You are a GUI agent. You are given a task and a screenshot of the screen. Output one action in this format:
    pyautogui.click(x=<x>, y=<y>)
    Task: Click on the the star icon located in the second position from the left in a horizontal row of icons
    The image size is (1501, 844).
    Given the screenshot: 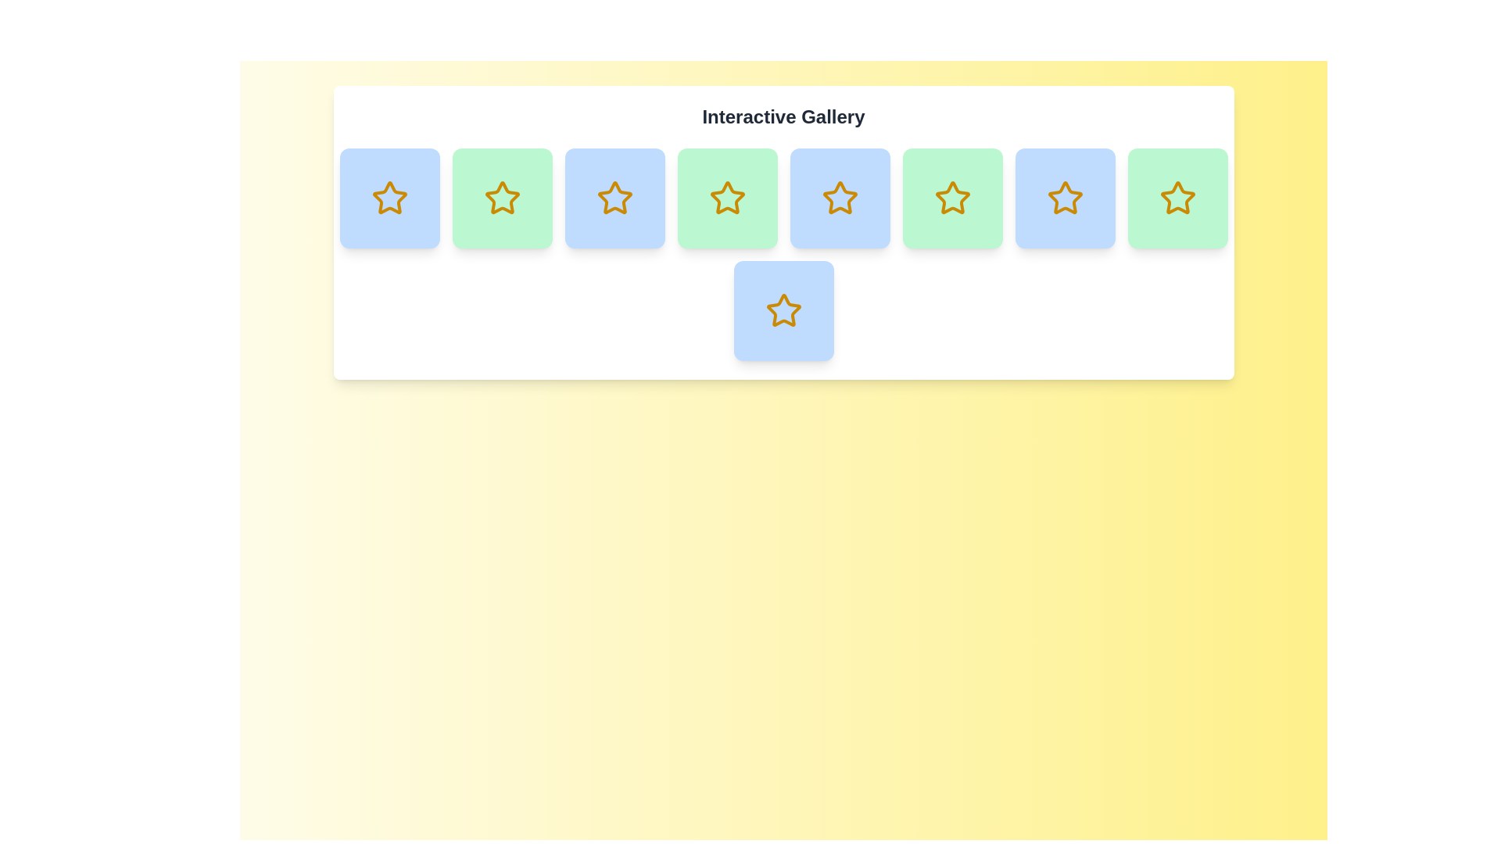 What is the action you would take?
    pyautogui.click(x=502, y=197)
    